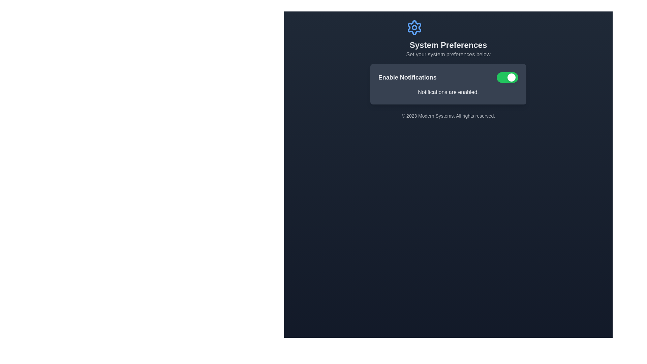  Describe the element at coordinates (507, 77) in the screenshot. I see `the toggle switch with a green background and a white circular handle indicating the 'on' position` at that location.